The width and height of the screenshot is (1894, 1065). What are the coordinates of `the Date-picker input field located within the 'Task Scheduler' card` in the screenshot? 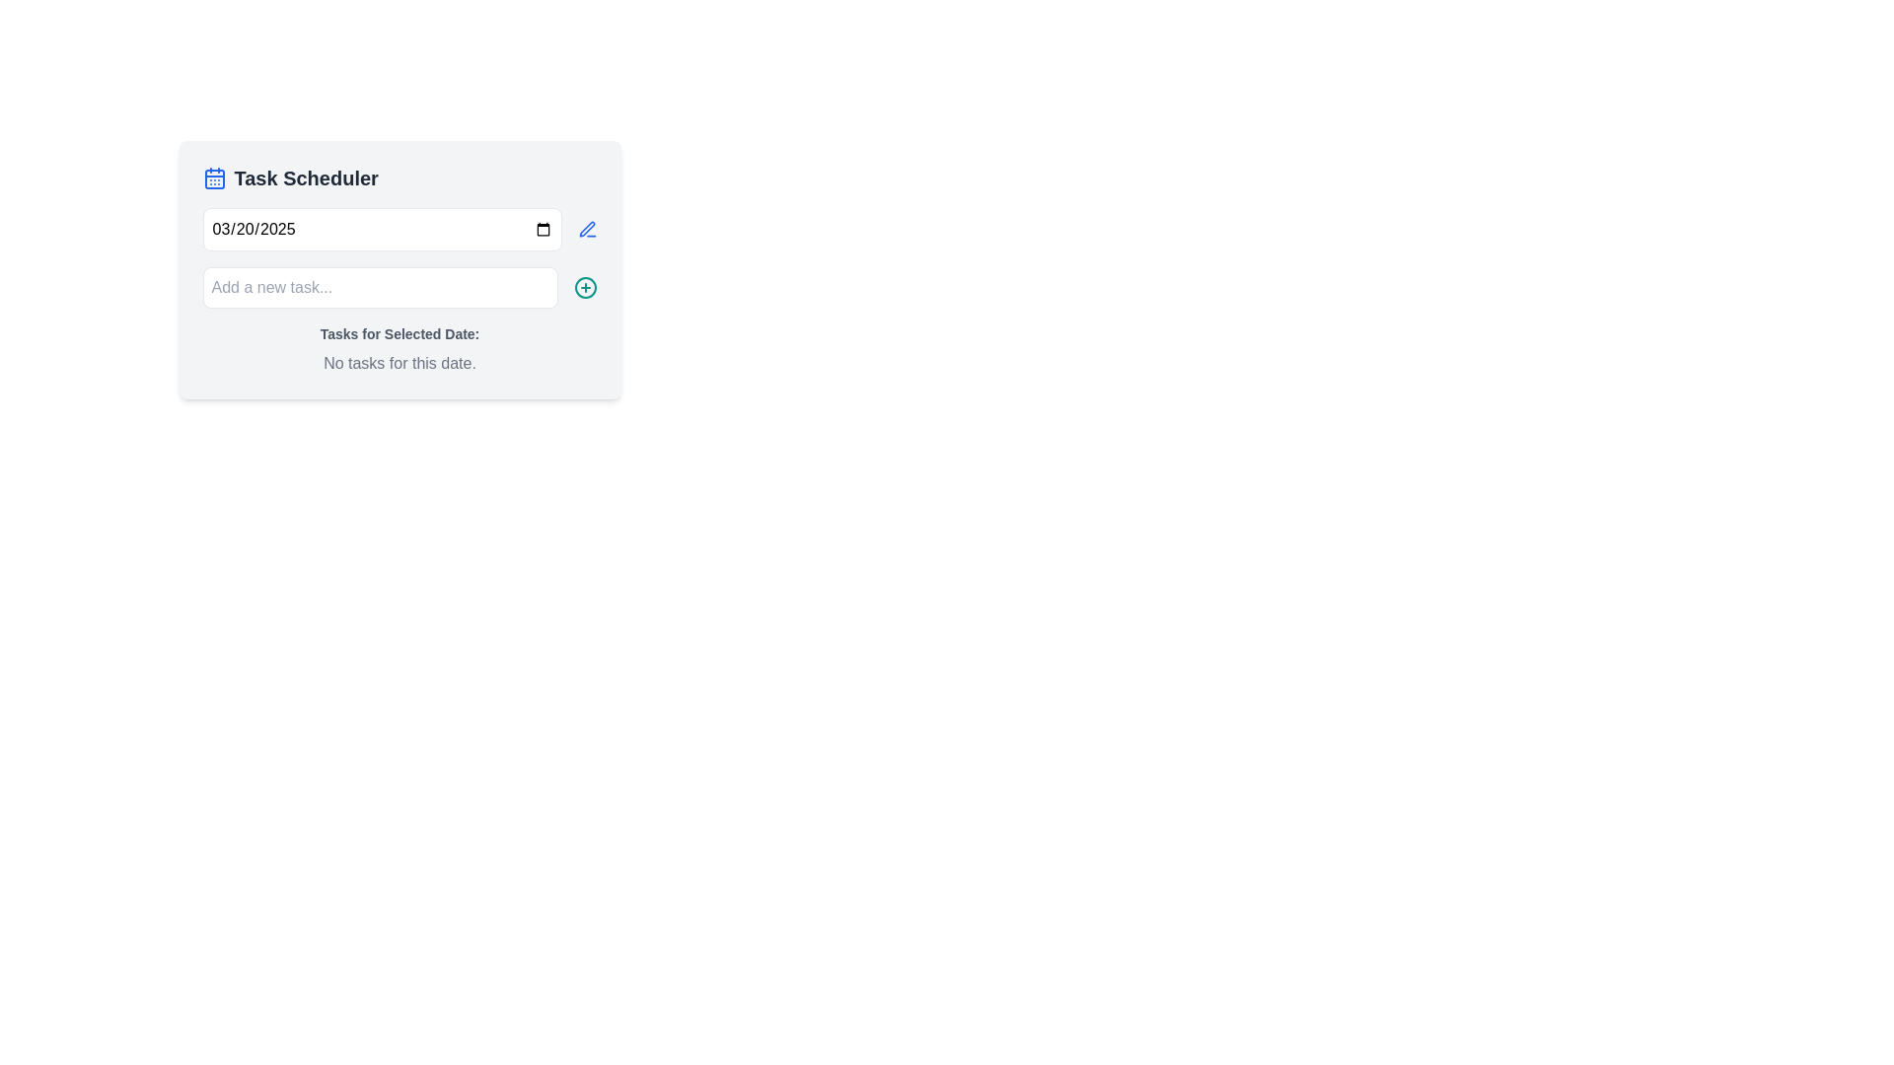 It's located at (399, 228).